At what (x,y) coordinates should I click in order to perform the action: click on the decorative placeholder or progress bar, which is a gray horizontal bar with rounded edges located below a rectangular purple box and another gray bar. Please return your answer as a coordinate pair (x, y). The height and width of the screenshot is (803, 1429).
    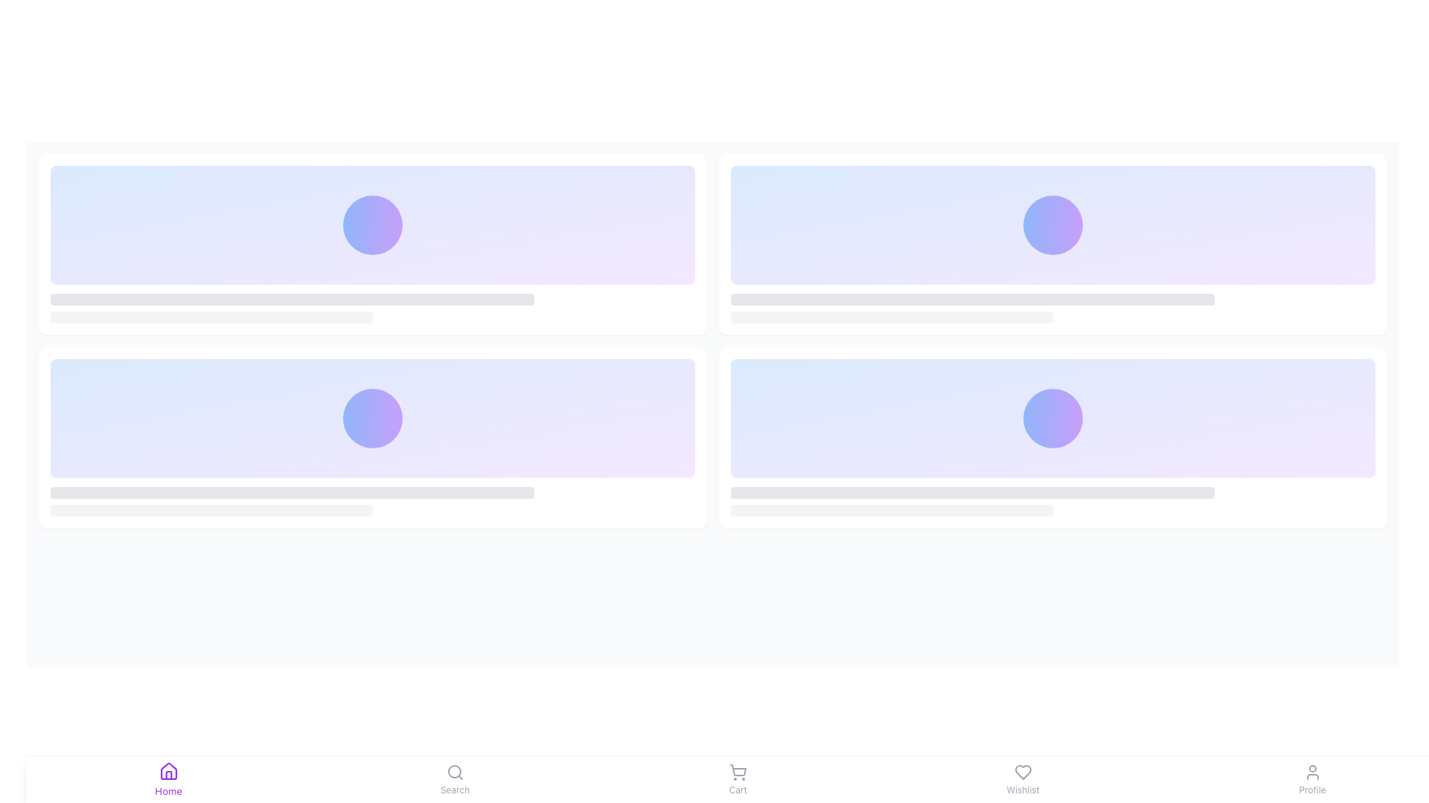
    Looking at the image, I should click on (211, 317).